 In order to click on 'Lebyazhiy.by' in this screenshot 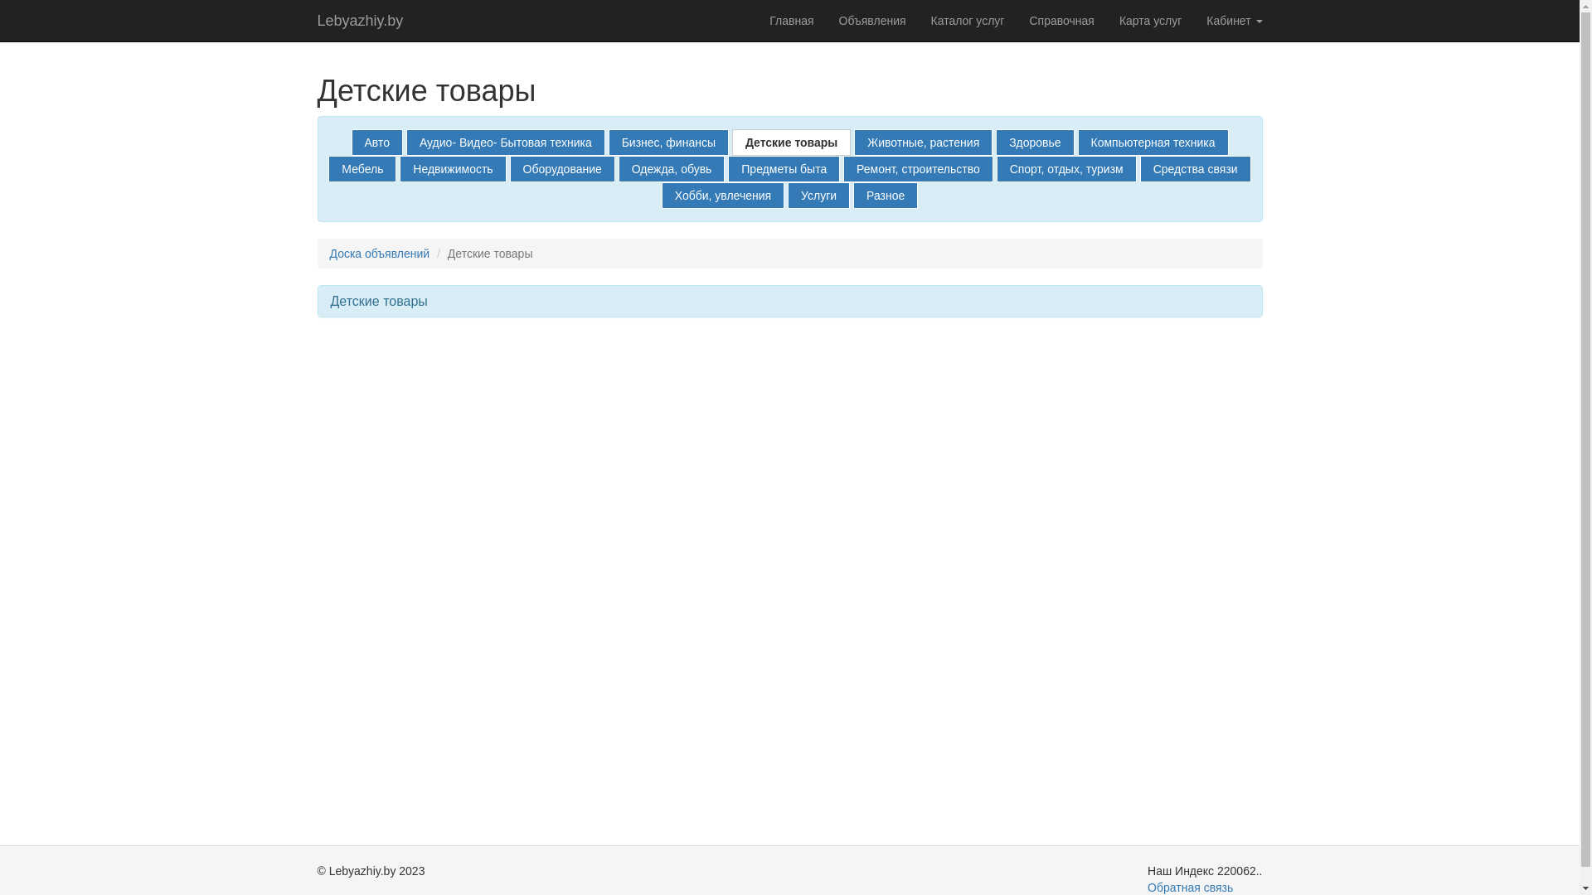, I will do `click(360, 20)`.